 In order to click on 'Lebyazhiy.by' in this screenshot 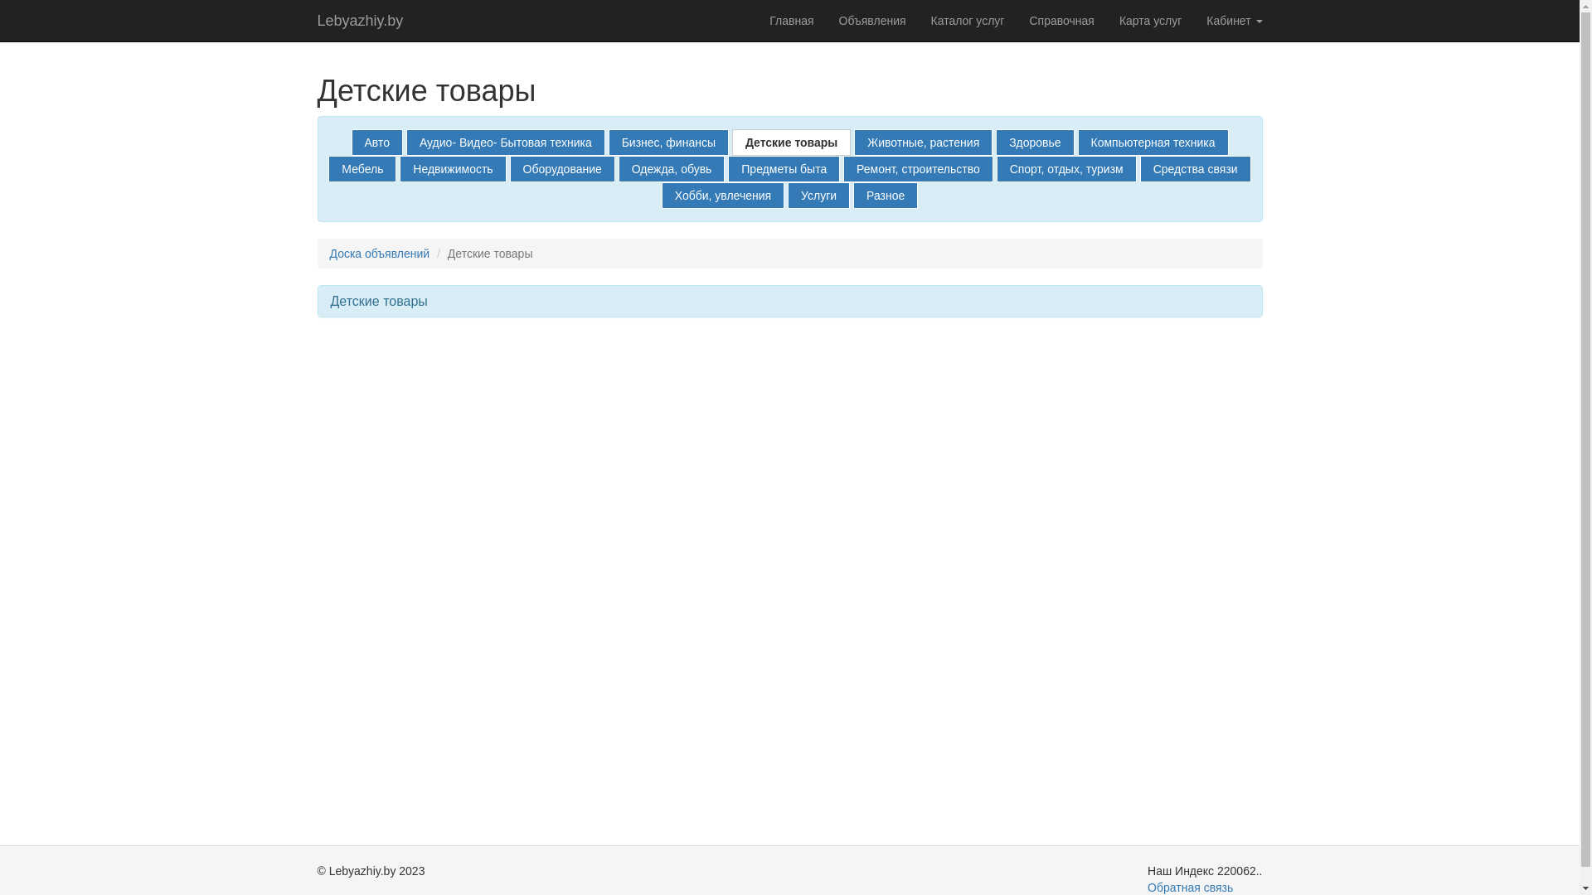, I will do `click(360, 20)`.